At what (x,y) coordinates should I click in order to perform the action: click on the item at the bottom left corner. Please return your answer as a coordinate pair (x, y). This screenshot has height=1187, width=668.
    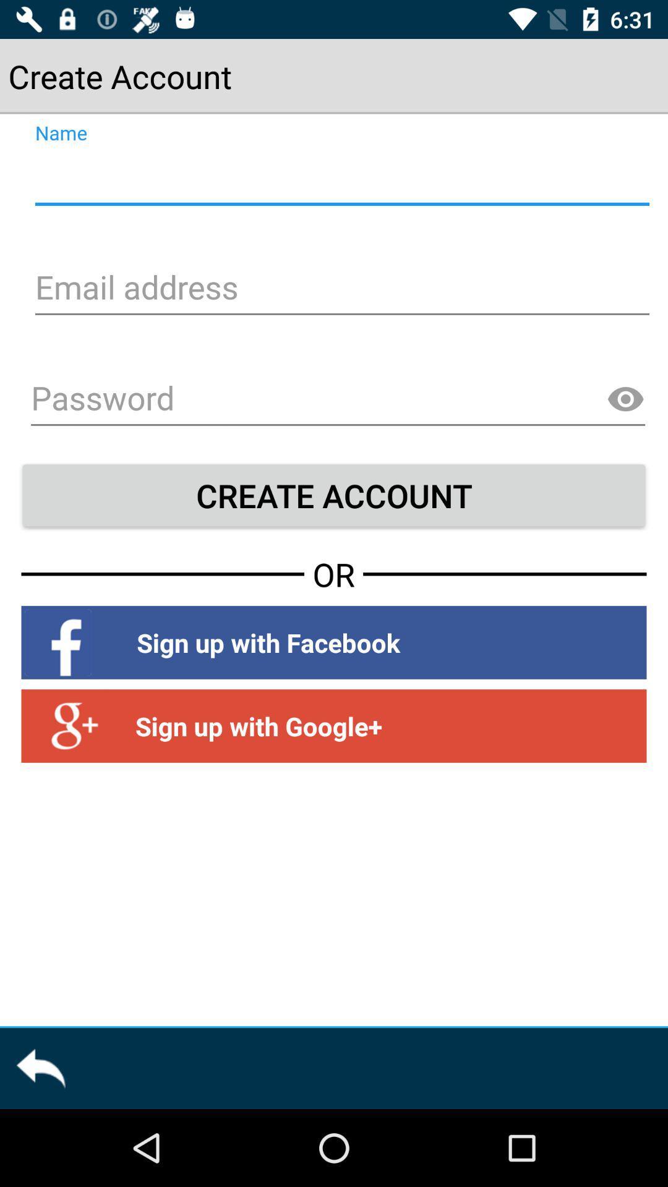
    Looking at the image, I should click on (40, 1068).